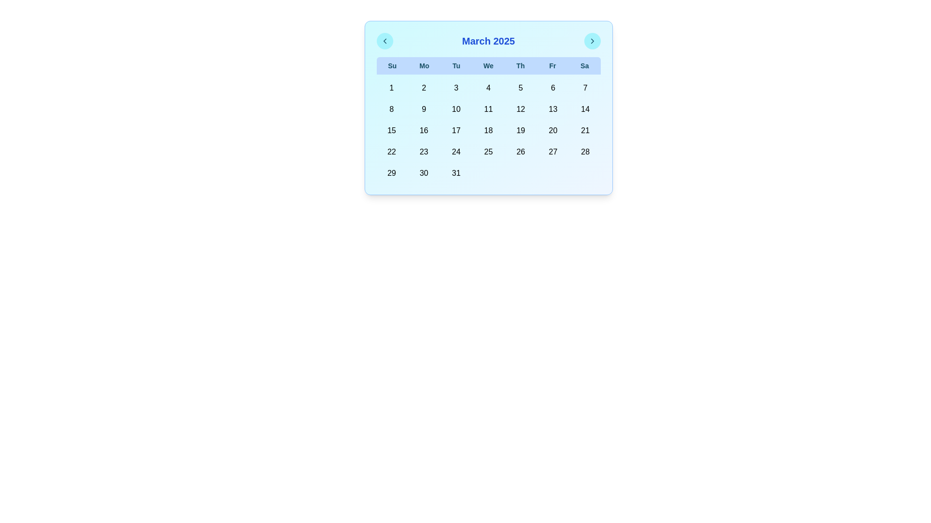 Image resolution: width=931 pixels, height=523 pixels. Describe the element at coordinates (423, 88) in the screenshot. I see `the rectangular button with a light cyan background and the number '2' displayed in black text` at that location.